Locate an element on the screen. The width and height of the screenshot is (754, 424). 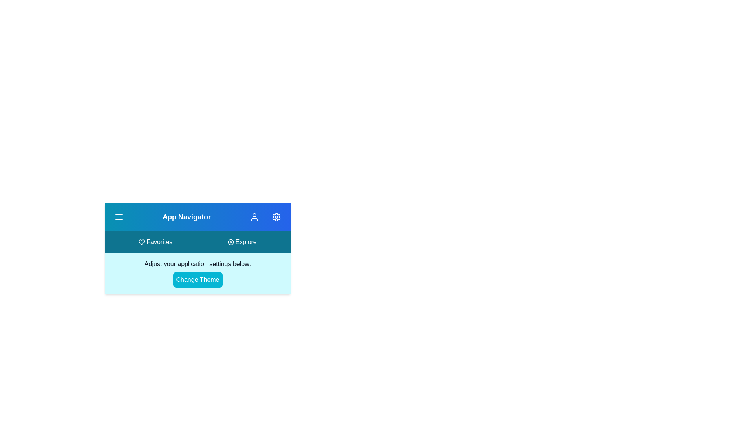
the 'Change Theme' button located at the bottom of the centered modal dialog titled 'App Navigator' is located at coordinates (198, 286).